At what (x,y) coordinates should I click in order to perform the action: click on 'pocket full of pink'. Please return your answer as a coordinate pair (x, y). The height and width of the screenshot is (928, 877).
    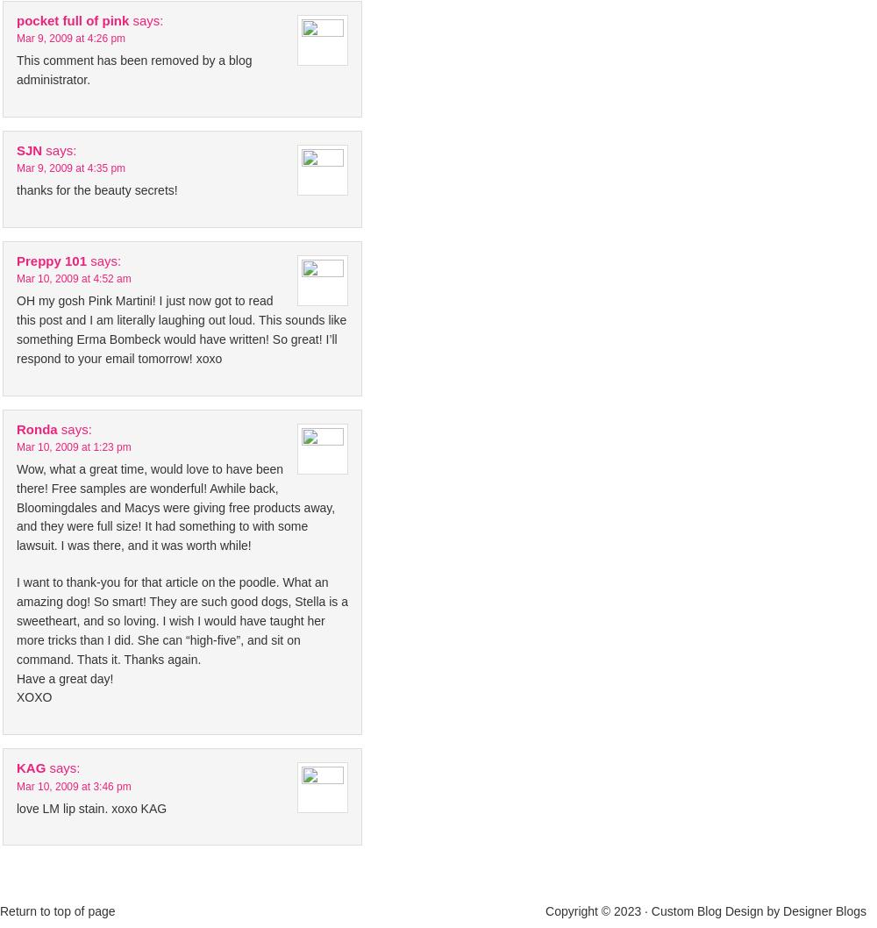
    Looking at the image, I should click on (17, 19).